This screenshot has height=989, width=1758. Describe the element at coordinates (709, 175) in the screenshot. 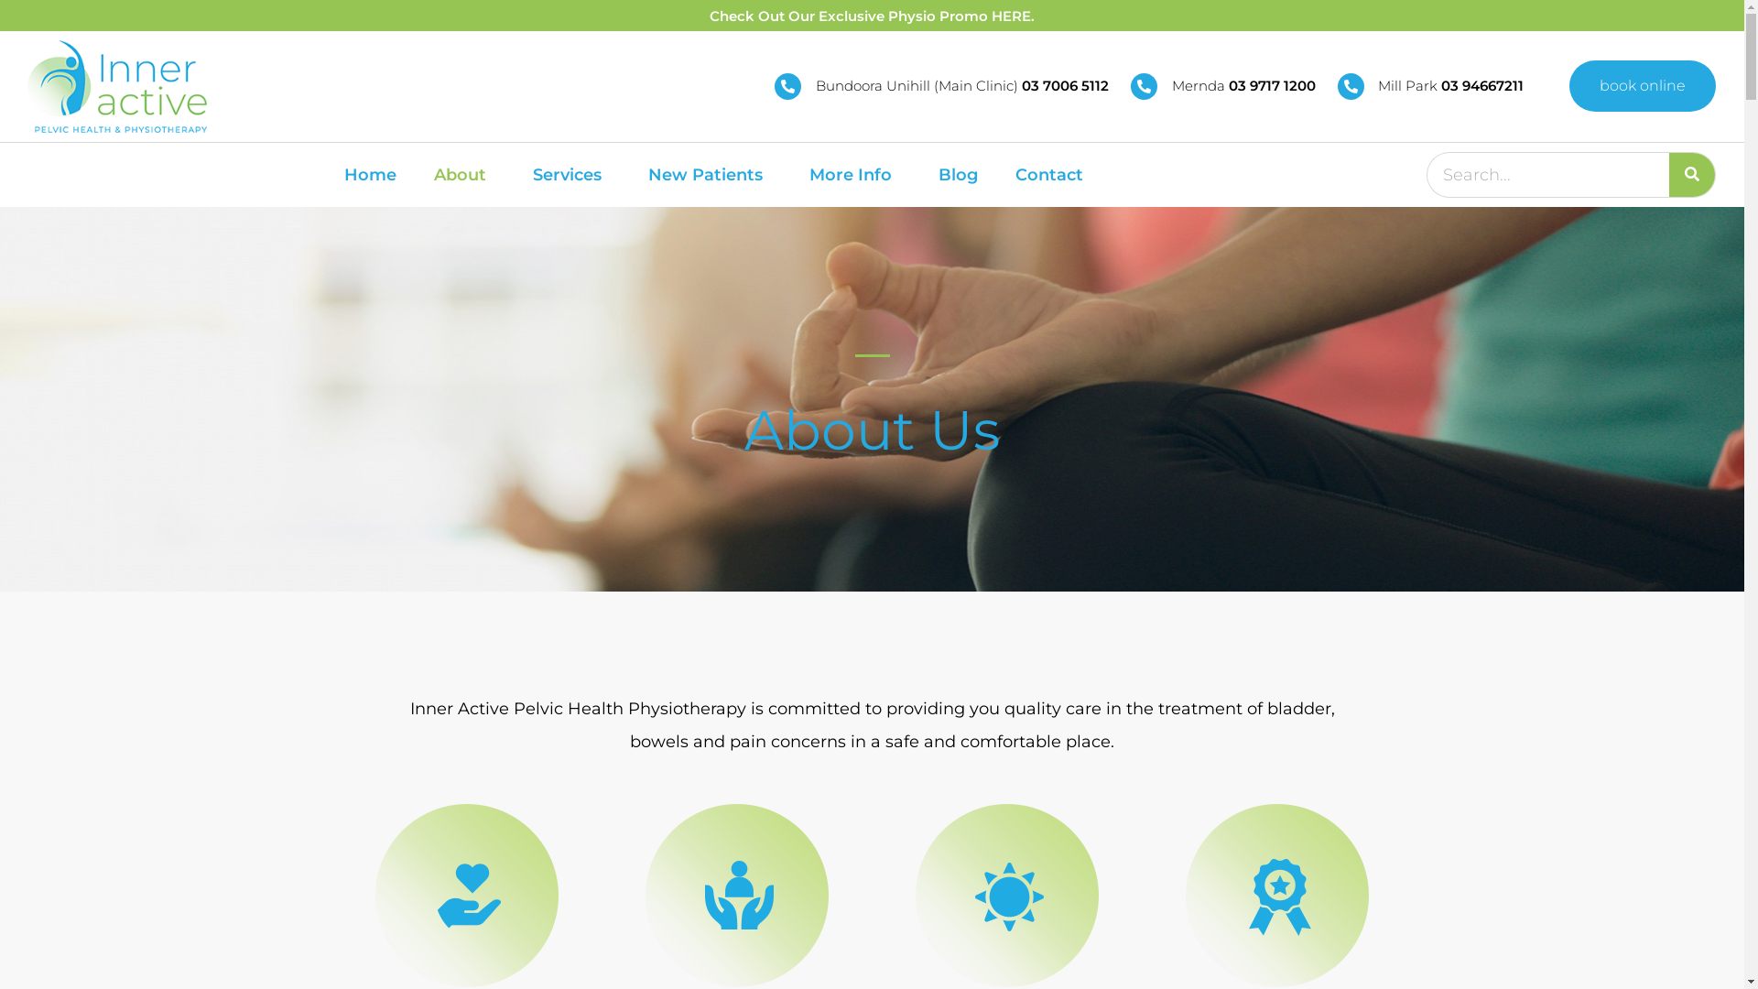

I see `'New Patients'` at that location.